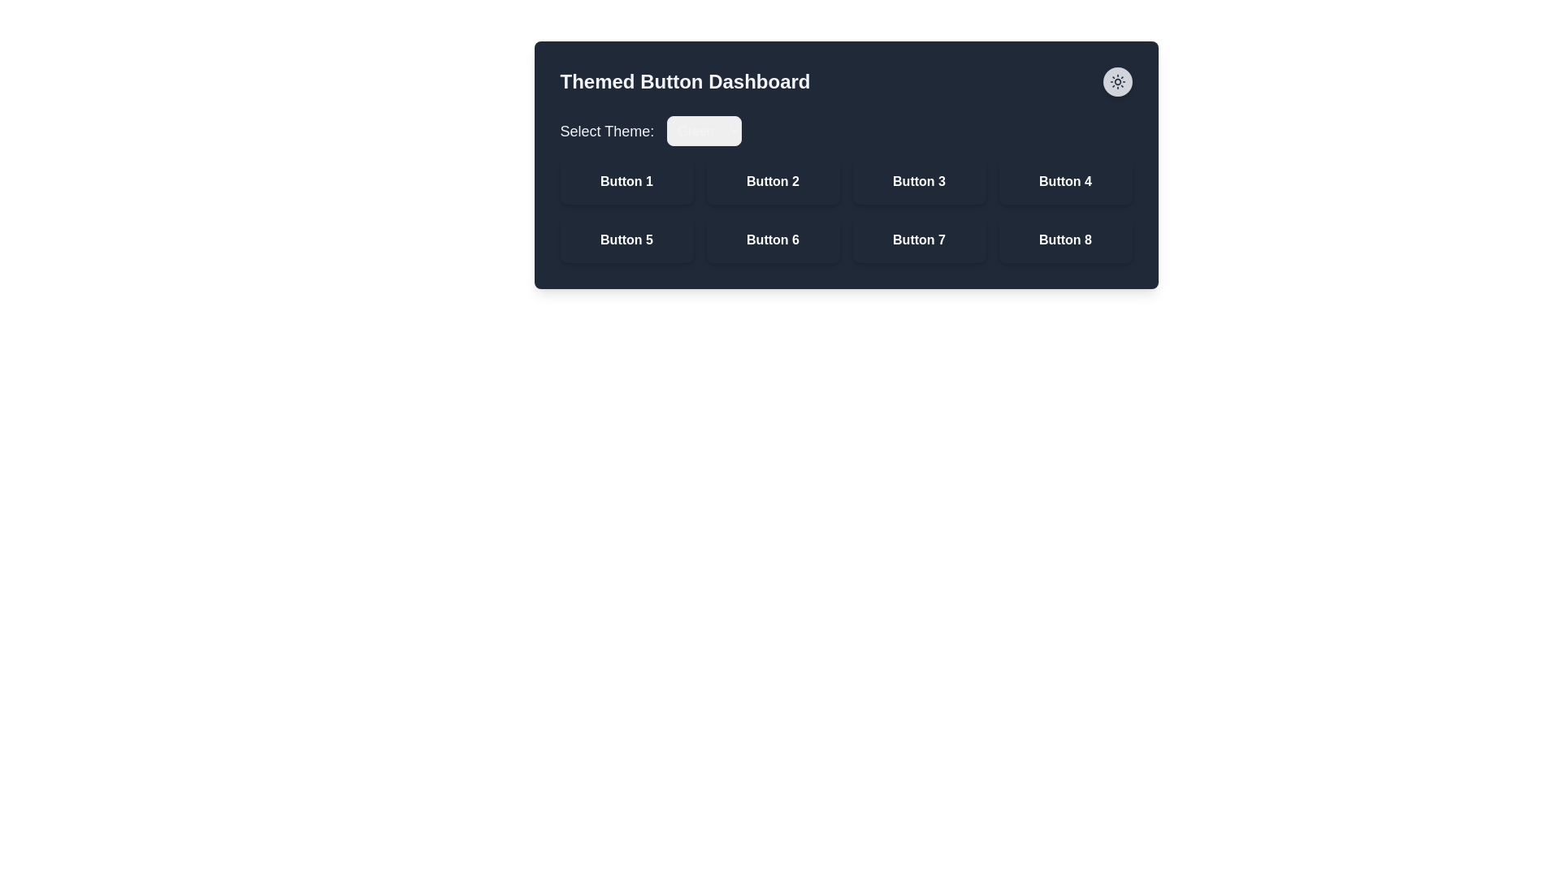  Describe the element at coordinates (606, 130) in the screenshot. I see `the text label displaying 'Select Theme:' which is positioned in the upper section of the interface, preceding a dropdown menu` at that location.